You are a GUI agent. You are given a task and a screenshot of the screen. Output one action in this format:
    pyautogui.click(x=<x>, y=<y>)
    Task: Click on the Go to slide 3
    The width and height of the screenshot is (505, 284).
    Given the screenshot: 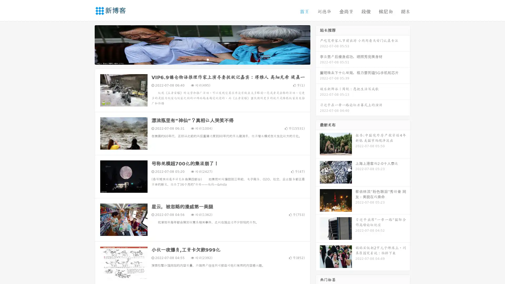 What is the action you would take?
    pyautogui.click(x=208, y=59)
    